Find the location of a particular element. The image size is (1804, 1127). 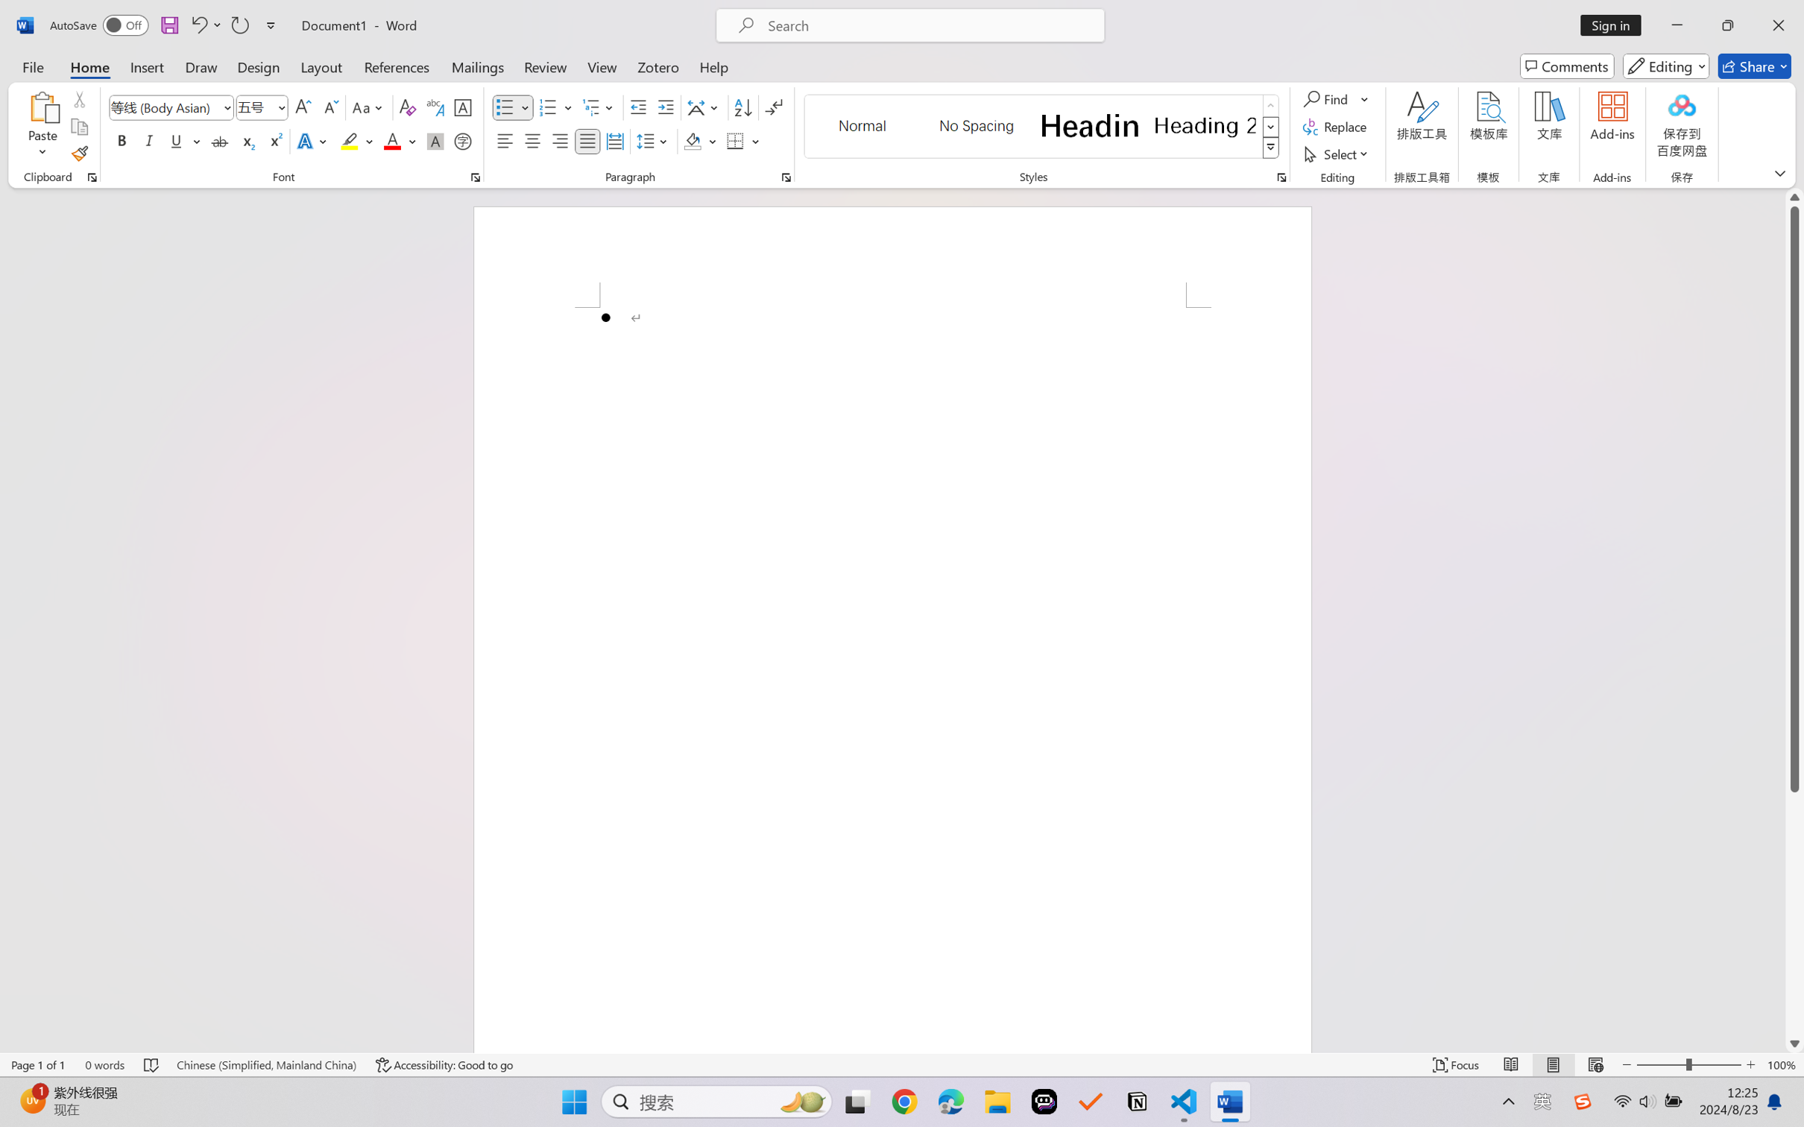

'Page down' is located at coordinates (1794, 912).